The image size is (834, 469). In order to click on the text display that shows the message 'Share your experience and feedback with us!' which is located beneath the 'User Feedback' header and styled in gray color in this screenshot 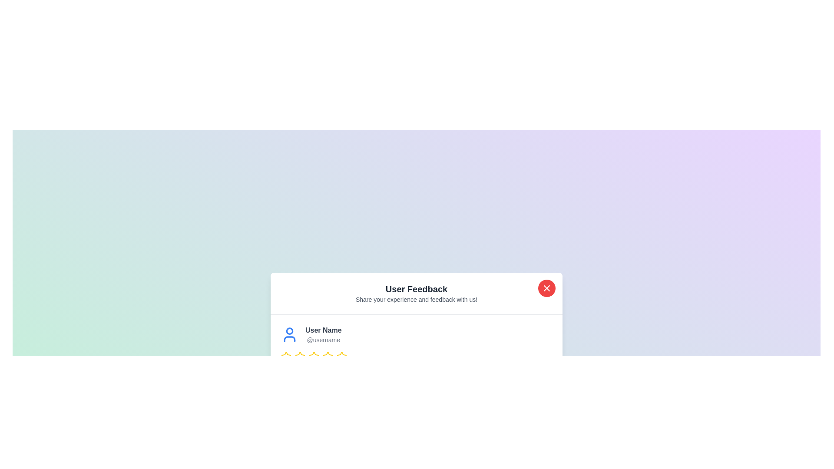, I will do `click(416, 299)`.